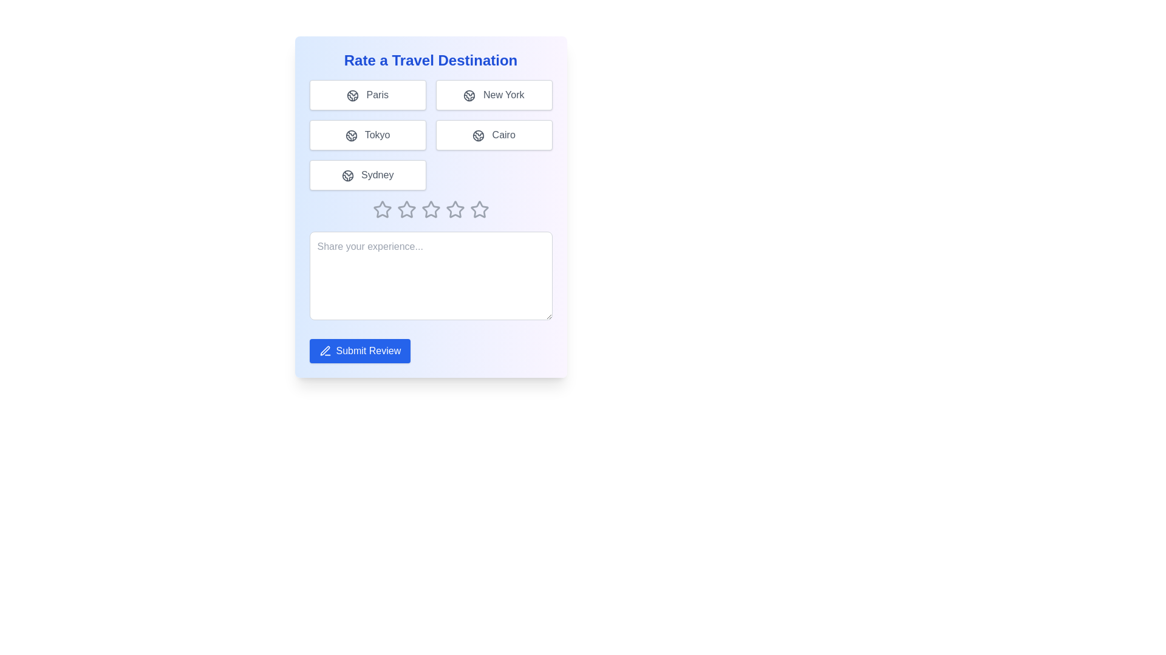  What do you see at coordinates (367, 95) in the screenshot?
I see `the selectable button indicating the city 'Paris'` at bounding box center [367, 95].